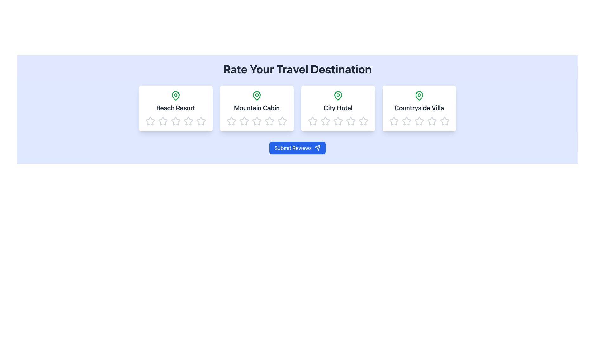  Describe the element at coordinates (406, 121) in the screenshot. I see `the second star icon in the row of five rating stars for the 'Countryside Villa' section` at that location.